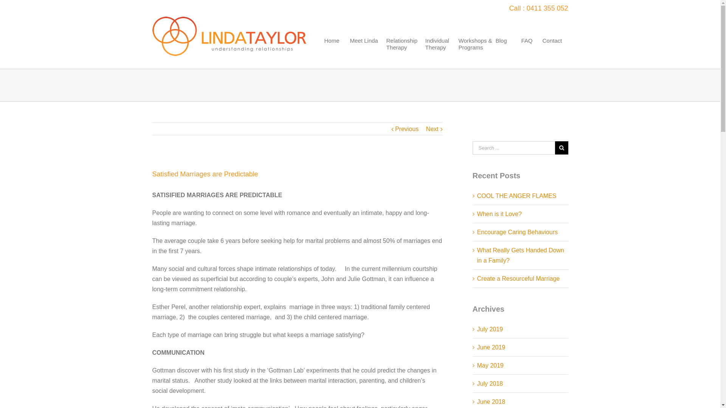  I want to click on 'Contact', so click(554, 53).